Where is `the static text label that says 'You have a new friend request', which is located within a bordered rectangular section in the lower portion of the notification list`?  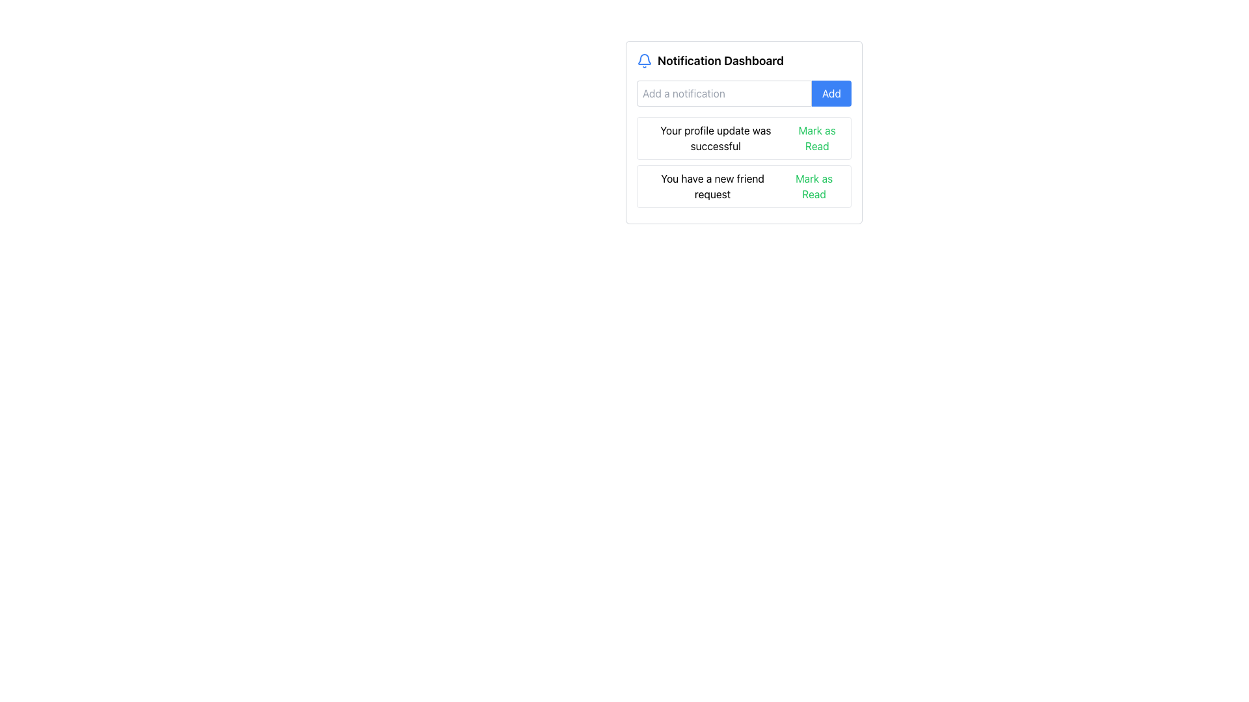 the static text label that says 'You have a new friend request', which is located within a bordered rectangular section in the lower portion of the notification list is located at coordinates (712, 186).